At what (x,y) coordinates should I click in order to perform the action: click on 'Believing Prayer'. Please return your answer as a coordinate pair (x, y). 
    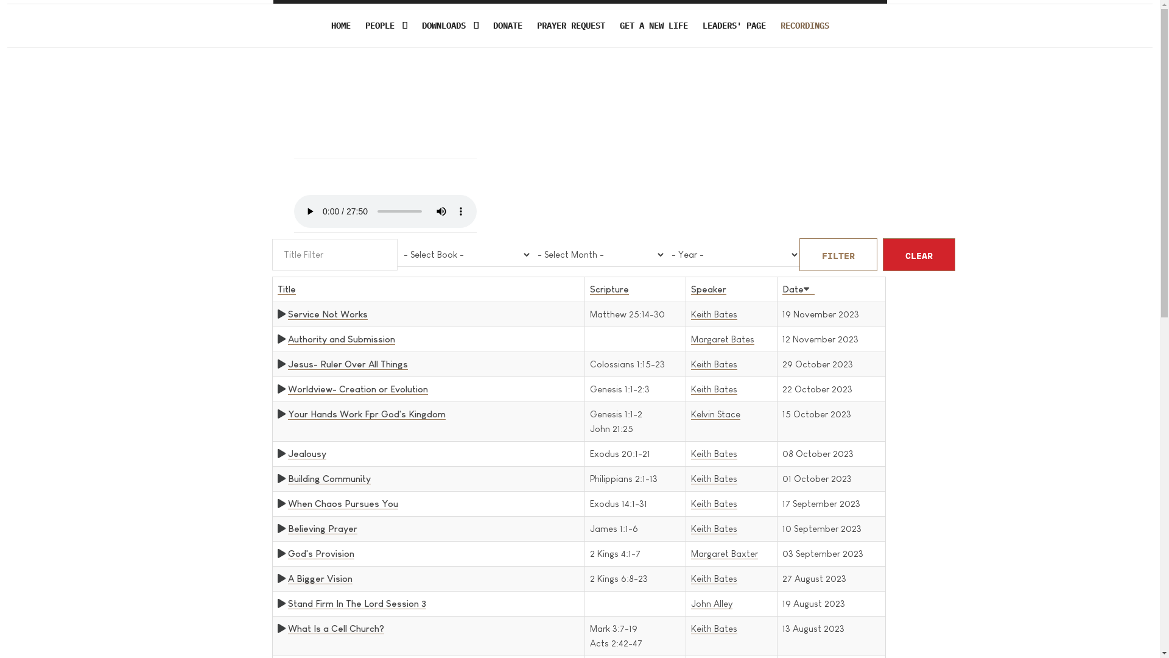
    Looking at the image, I should click on (286, 528).